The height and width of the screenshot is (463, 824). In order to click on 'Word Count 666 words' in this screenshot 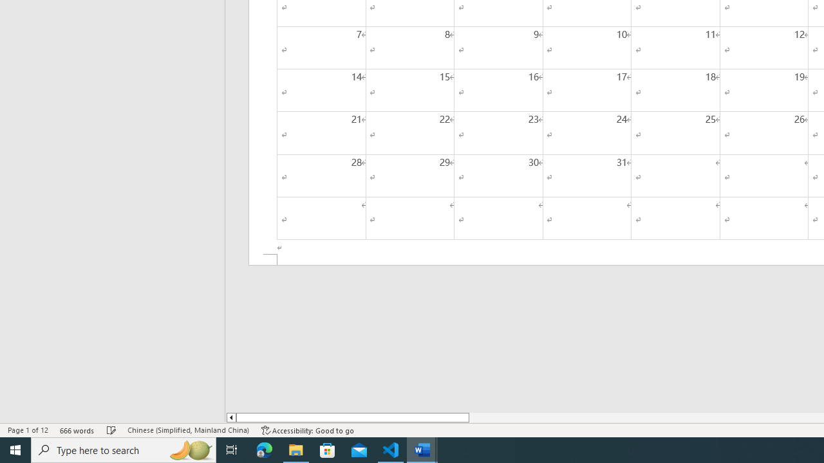, I will do `click(77, 430)`.